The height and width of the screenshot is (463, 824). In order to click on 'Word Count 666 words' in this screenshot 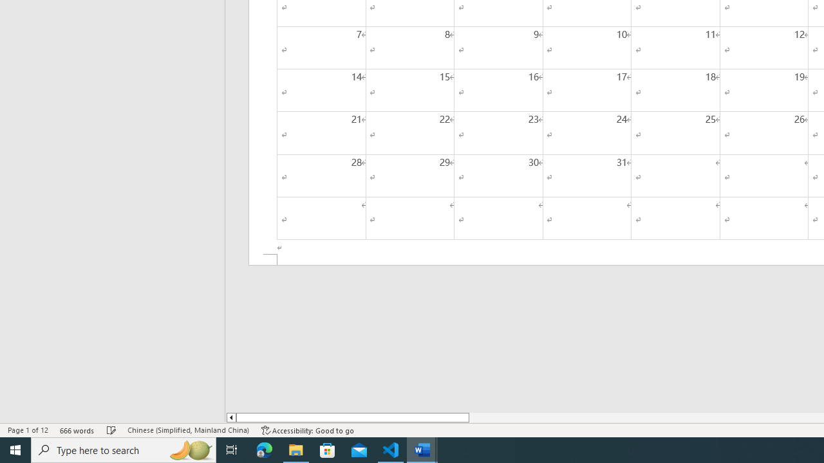, I will do `click(77, 430)`.